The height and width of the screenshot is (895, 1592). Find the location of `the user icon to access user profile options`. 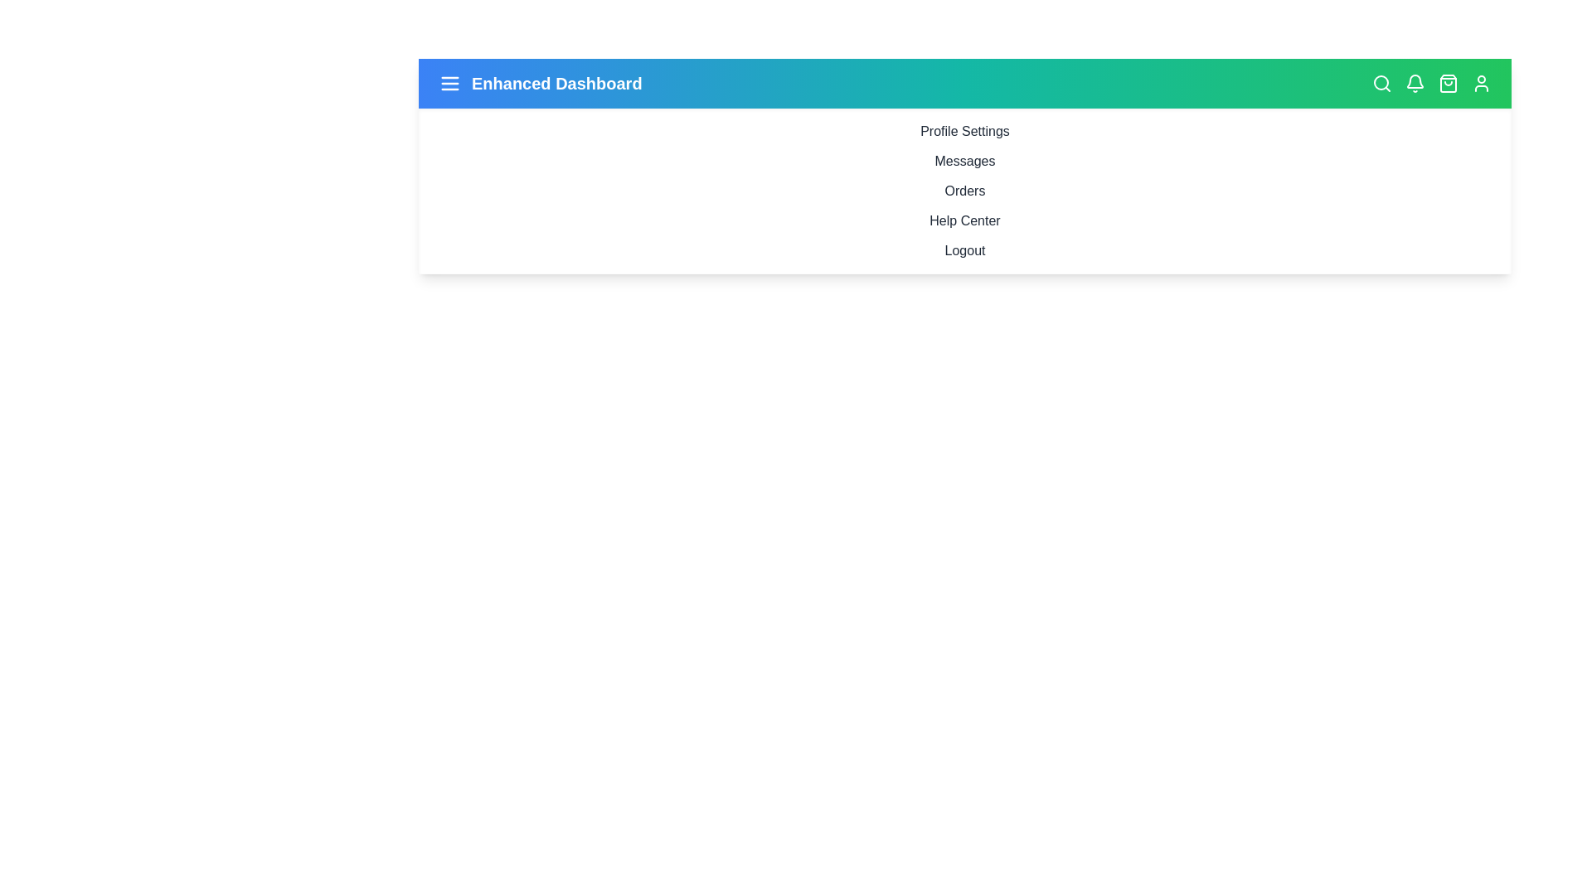

the user icon to access user profile options is located at coordinates (1481, 83).